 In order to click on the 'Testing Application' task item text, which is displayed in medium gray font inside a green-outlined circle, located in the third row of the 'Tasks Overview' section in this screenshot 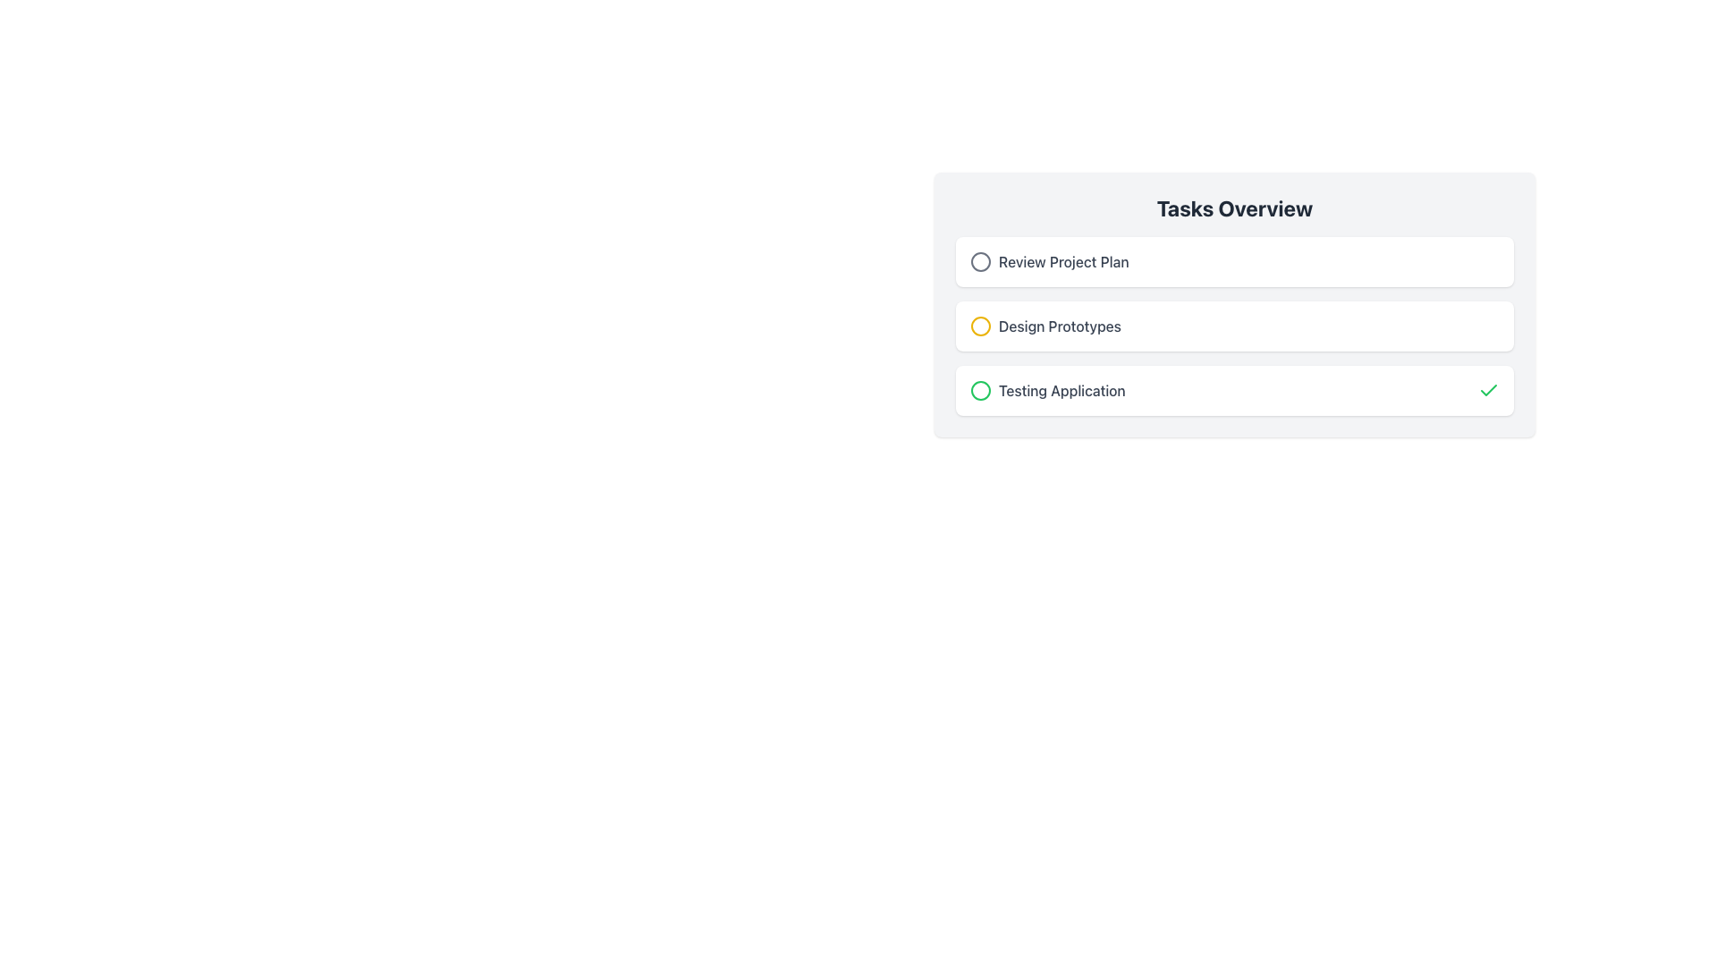, I will do `click(1047, 389)`.